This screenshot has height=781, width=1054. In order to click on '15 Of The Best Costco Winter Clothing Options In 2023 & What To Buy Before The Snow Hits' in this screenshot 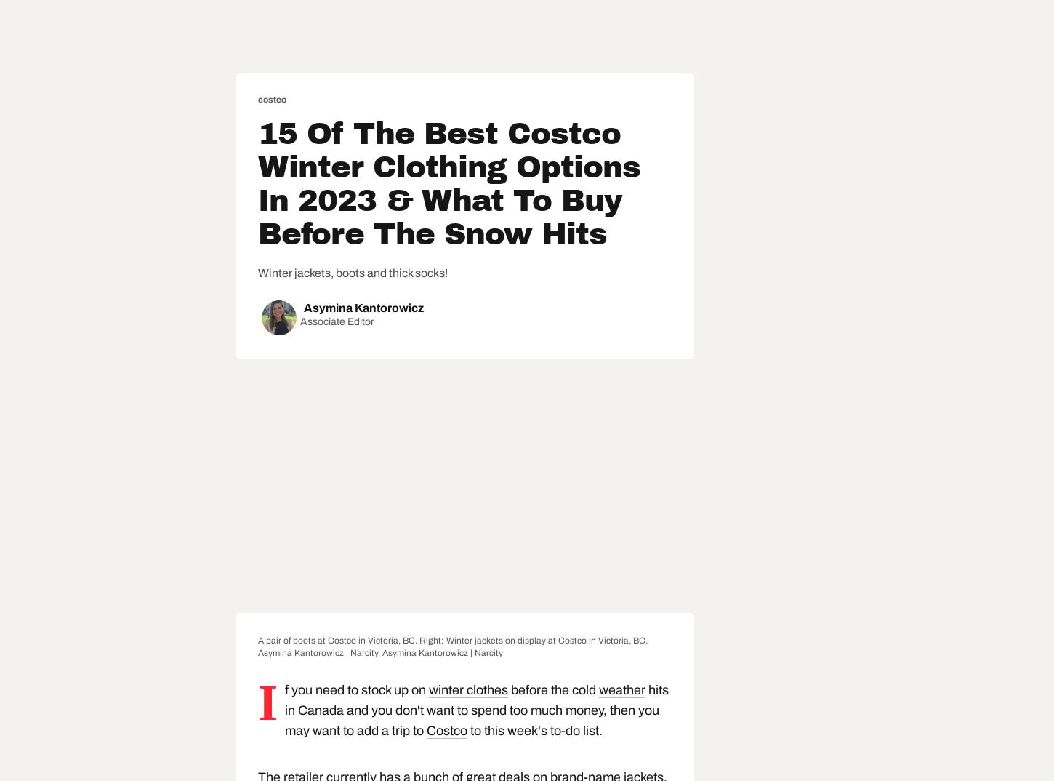, I will do `click(448, 183)`.